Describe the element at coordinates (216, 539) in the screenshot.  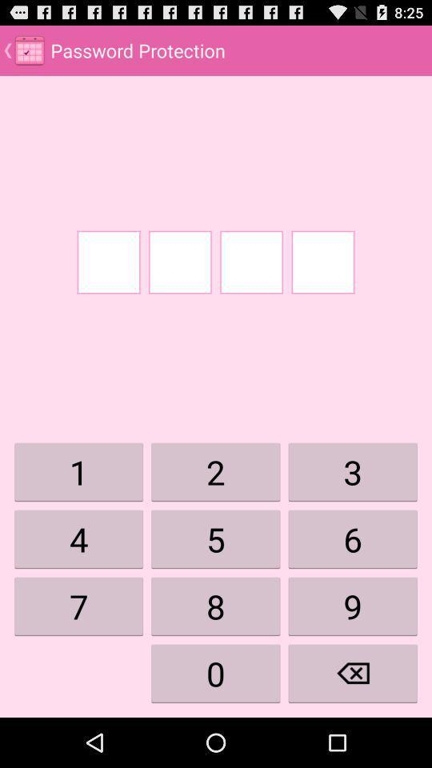
I see `the digit 5` at that location.